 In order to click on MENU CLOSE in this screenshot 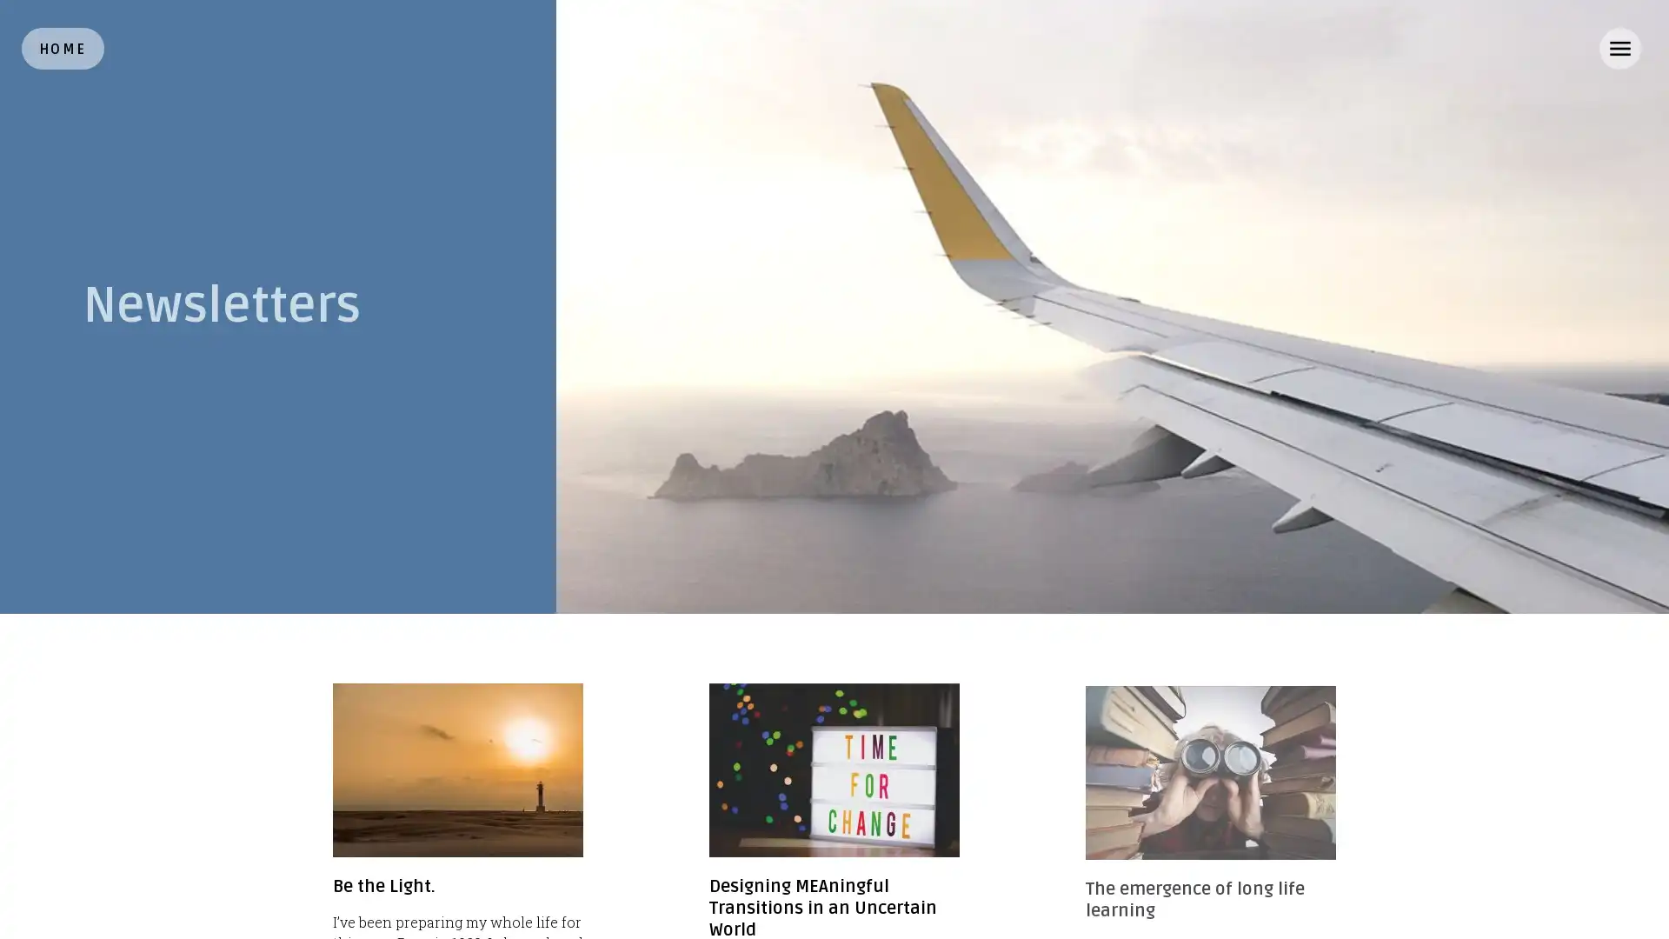, I will do `click(1619, 48)`.